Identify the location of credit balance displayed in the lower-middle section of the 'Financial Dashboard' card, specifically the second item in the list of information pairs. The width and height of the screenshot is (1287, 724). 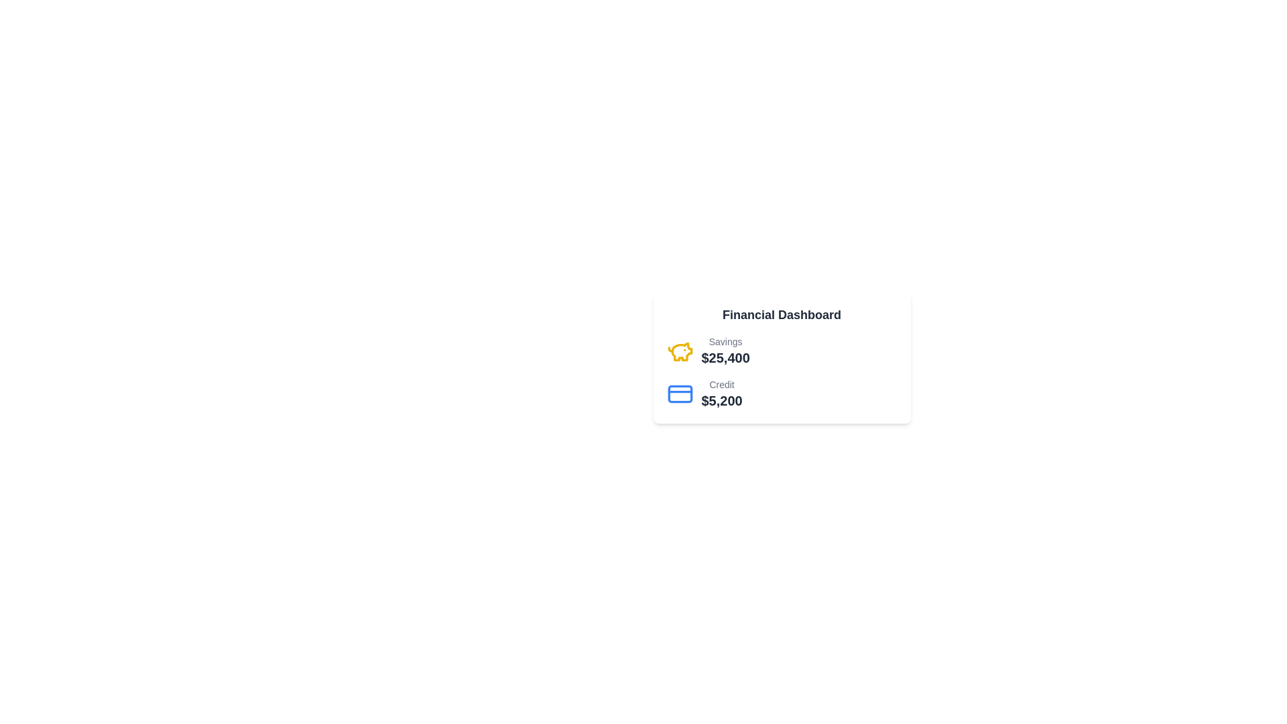
(704, 393).